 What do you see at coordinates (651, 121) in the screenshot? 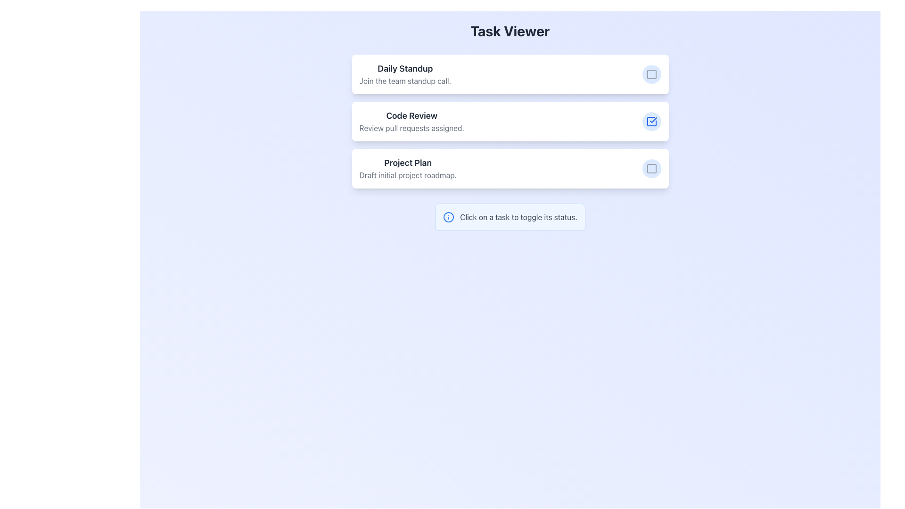
I see `the checkmark icon` at bounding box center [651, 121].